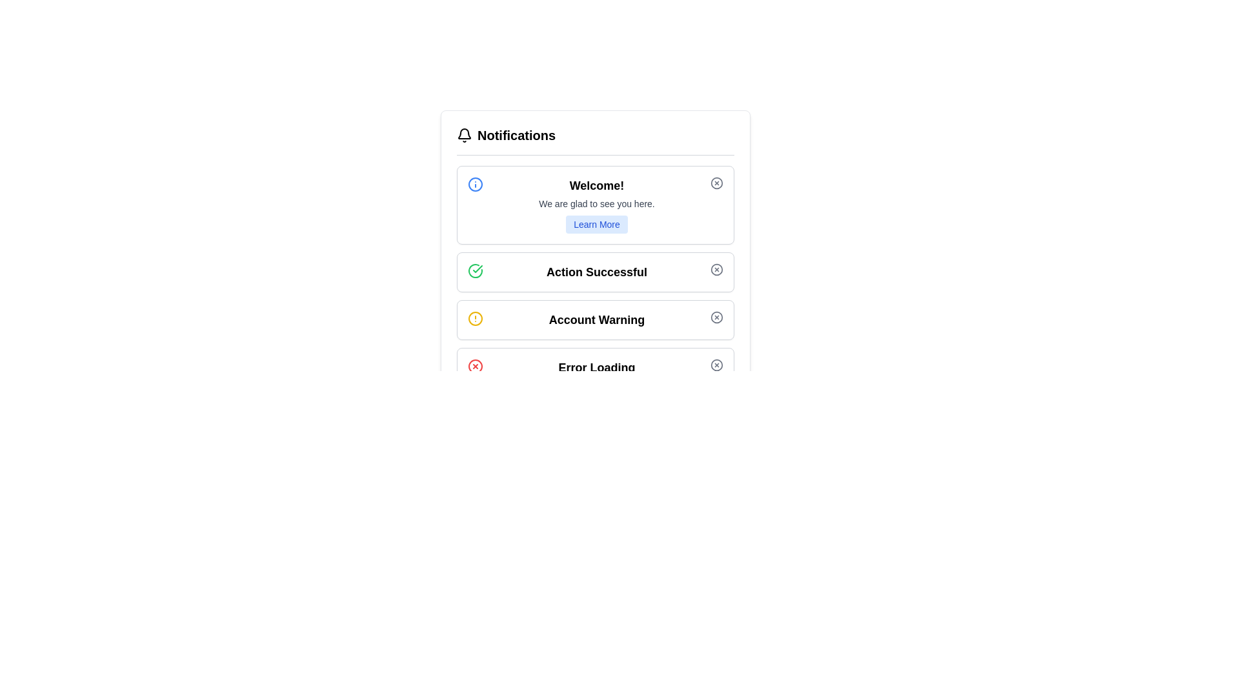  What do you see at coordinates (716, 183) in the screenshot?
I see `the circular icon button with a stylized cross inside it, located at the top-right corner of the notification section adjacent to the header text 'Welcome!' to change its color state` at bounding box center [716, 183].